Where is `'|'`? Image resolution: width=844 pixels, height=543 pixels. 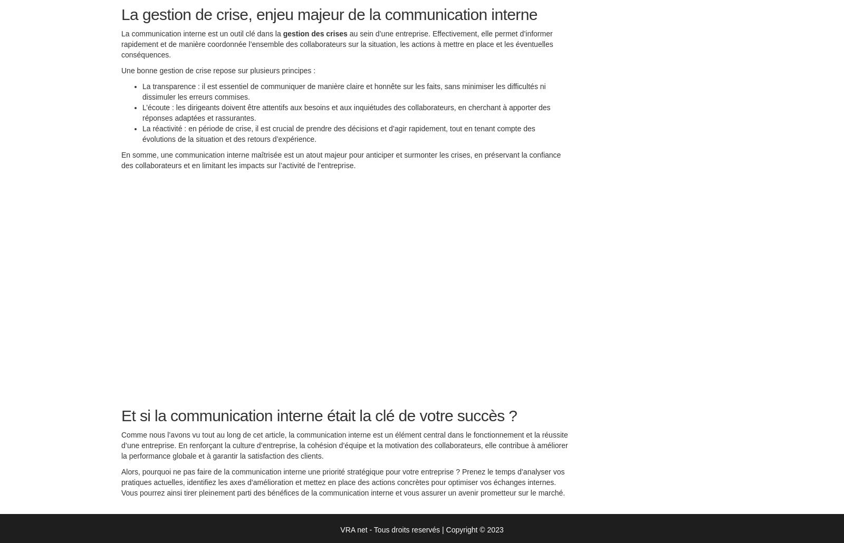 '|' is located at coordinates (442, 531).